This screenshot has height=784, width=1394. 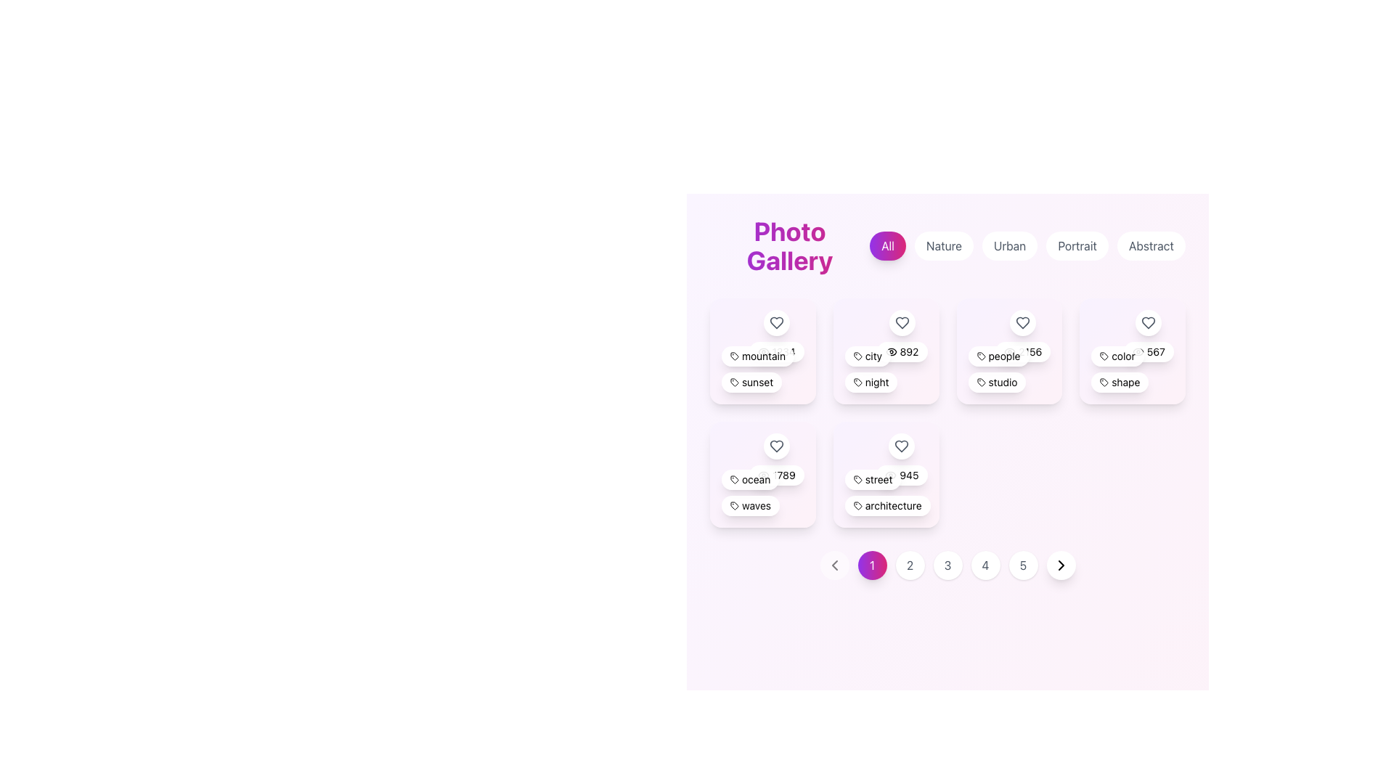 What do you see at coordinates (1022, 322) in the screenshot?
I see `the heart-shaped icon in the third column of the top row to like or favorite an item` at bounding box center [1022, 322].